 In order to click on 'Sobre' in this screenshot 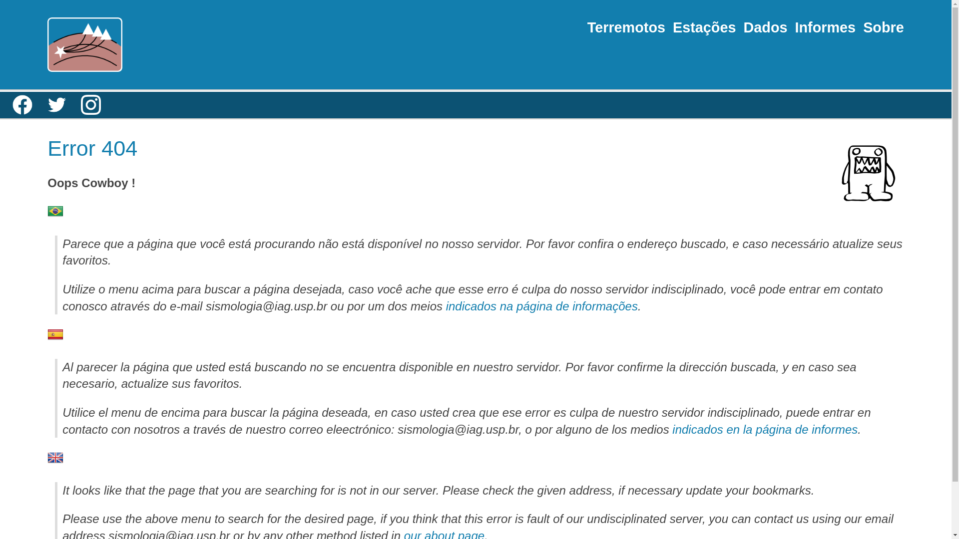, I will do `click(884, 26)`.